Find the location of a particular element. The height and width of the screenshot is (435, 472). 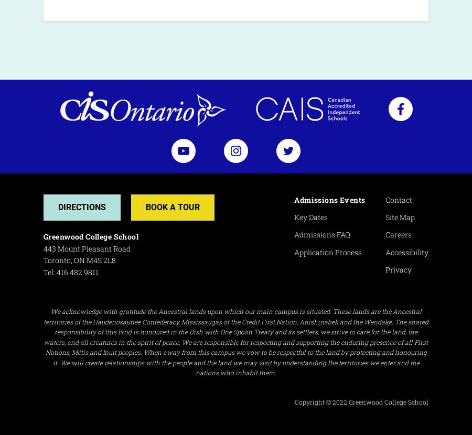

'Admissions FAQ' is located at coordinates (322, 234).